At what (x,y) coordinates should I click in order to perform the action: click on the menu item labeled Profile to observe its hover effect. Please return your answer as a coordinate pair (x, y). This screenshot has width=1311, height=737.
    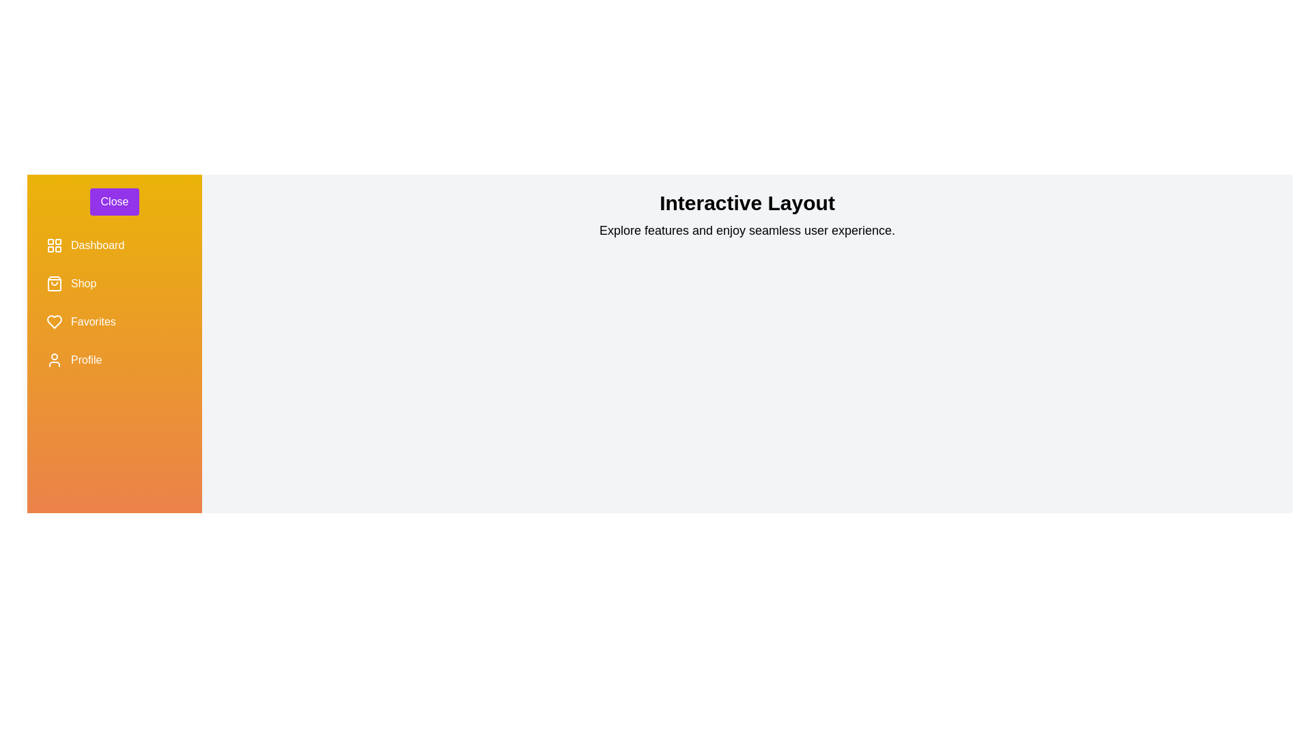
    Looking at the image, I should click on (115, 360).